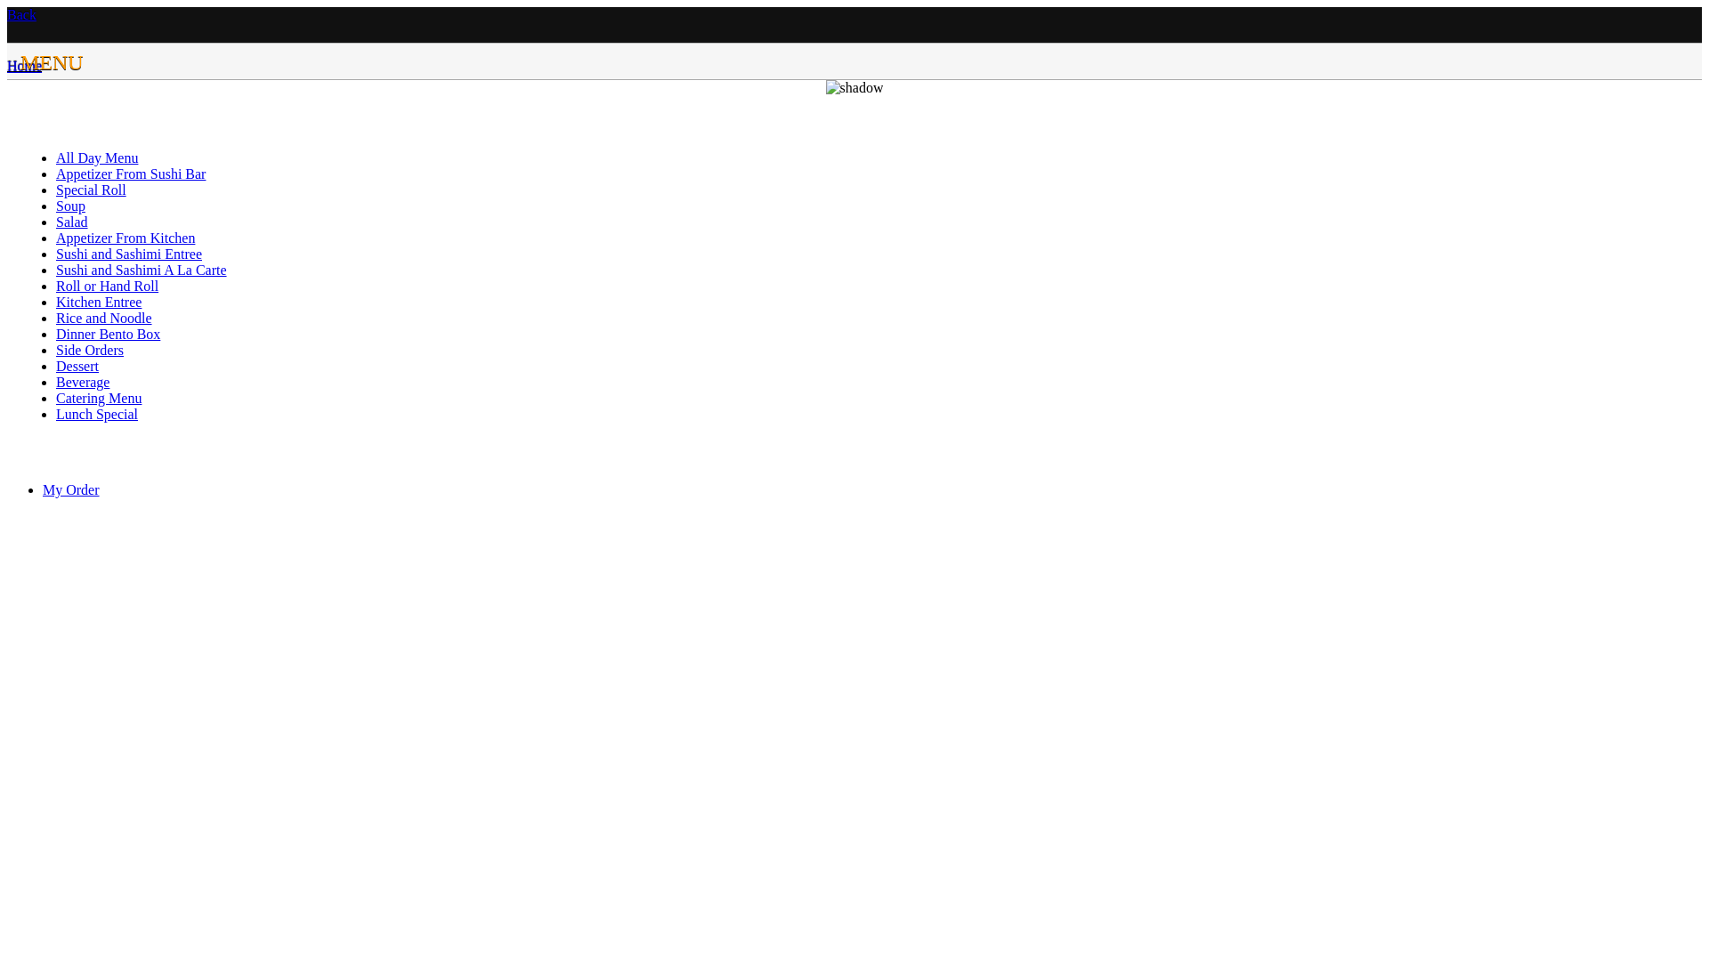 This screenshot has height=961, width=1709. What do you see at coordinates (81, 381) in the screenshot?
I see `'Beverage'` at bounding box center [81, 381].